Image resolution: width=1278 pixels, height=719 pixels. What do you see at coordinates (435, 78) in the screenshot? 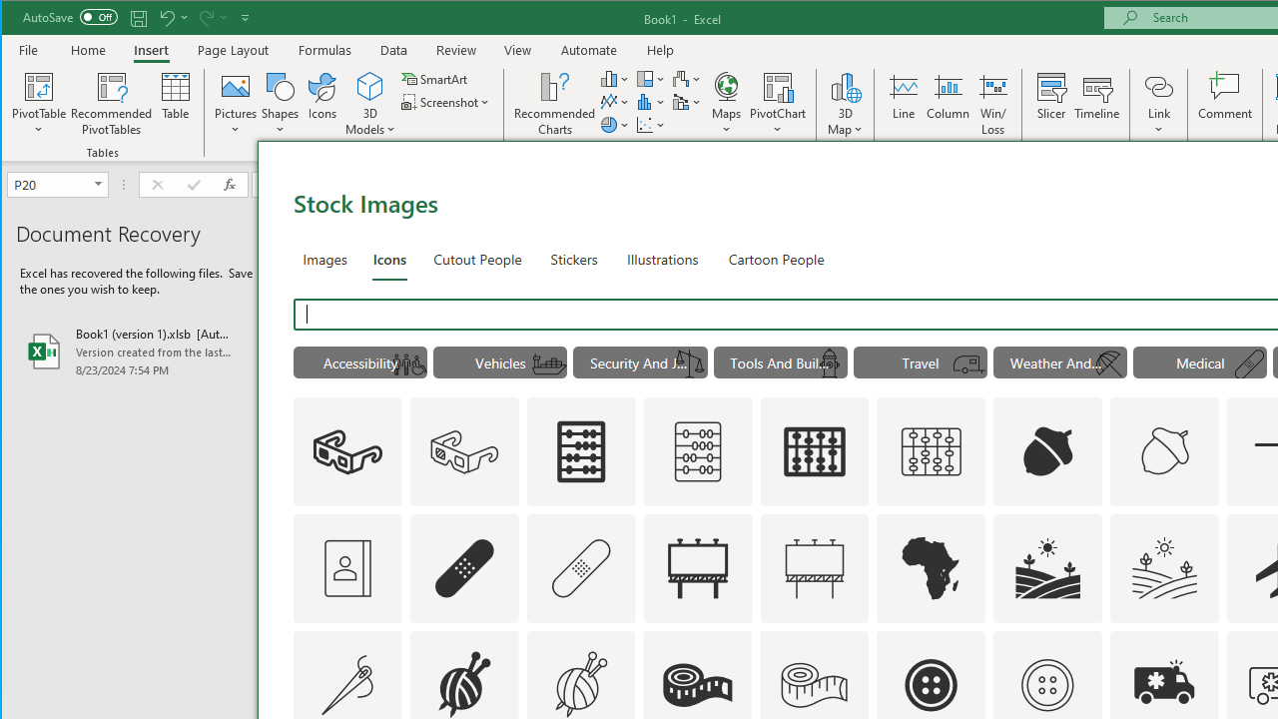
I see `'SmartArt...'` at bounding box center [435, 78].